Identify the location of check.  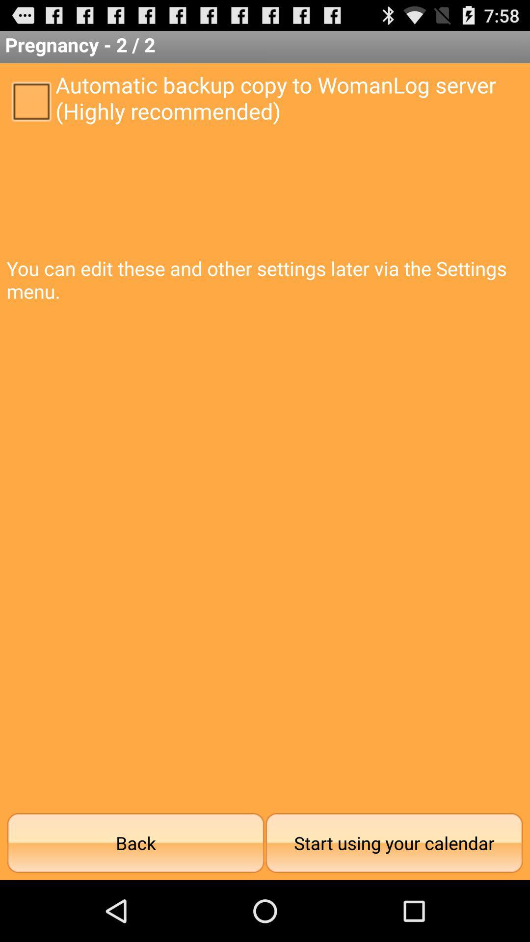
(30, 101).